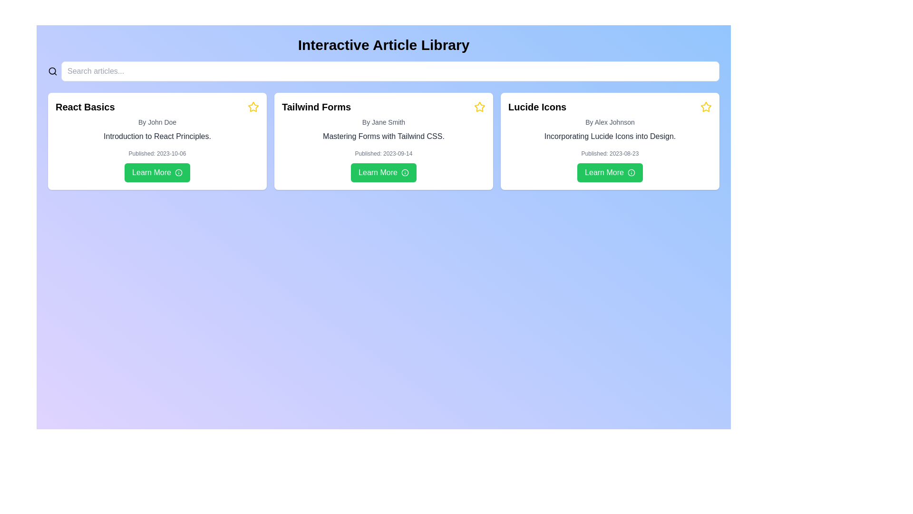 Image resolution: width=913 pixels, height=514 pixels. Describe the element at coordinates (52, 70) in the screenshot. I see `the circular icon that is part of the search symbol located at the top-left corner of the interface, adjacent to the 'Search articles...' text input area` at that location.